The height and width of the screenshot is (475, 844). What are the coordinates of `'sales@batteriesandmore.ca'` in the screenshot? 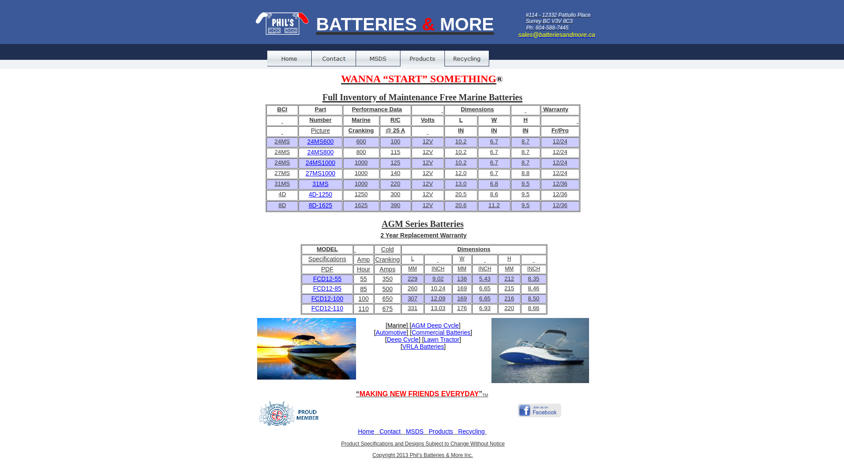 It's located at (556, 34).